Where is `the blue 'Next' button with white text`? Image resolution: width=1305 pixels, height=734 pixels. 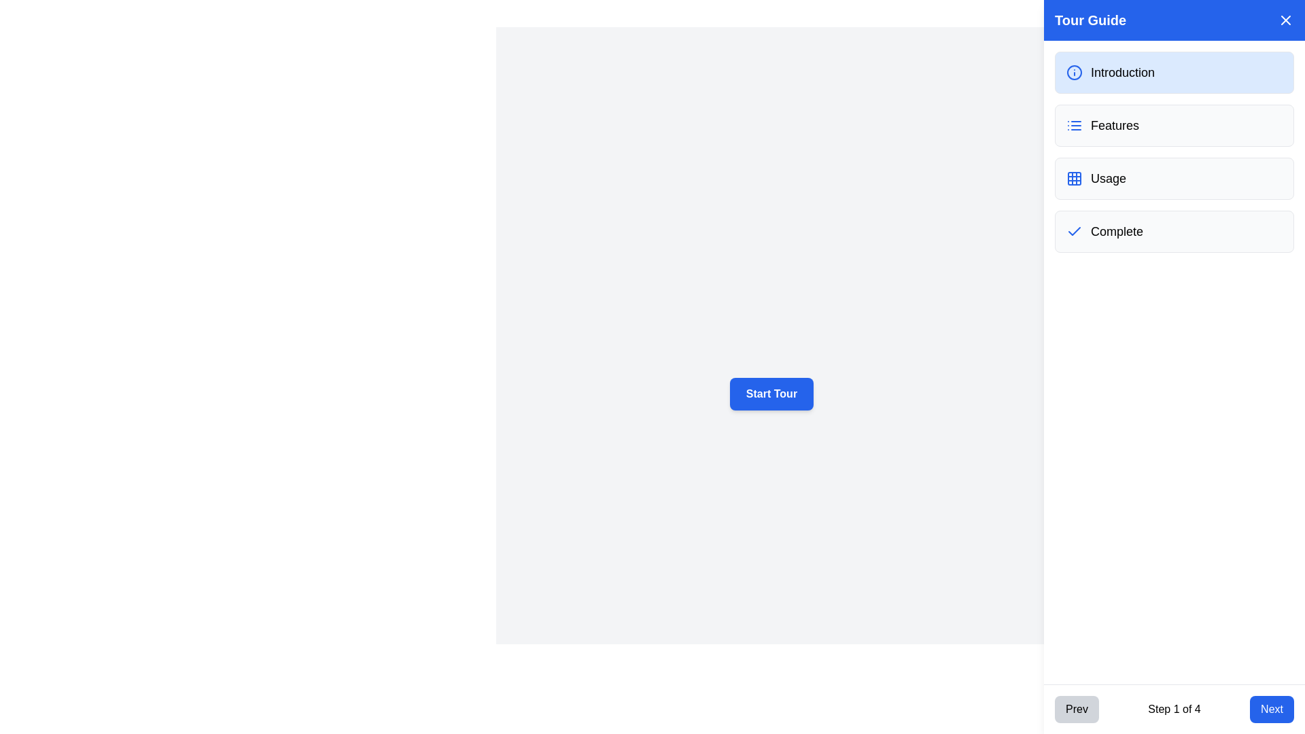 the blue 'Next' button with white text is located at coordinates (1271, 709).